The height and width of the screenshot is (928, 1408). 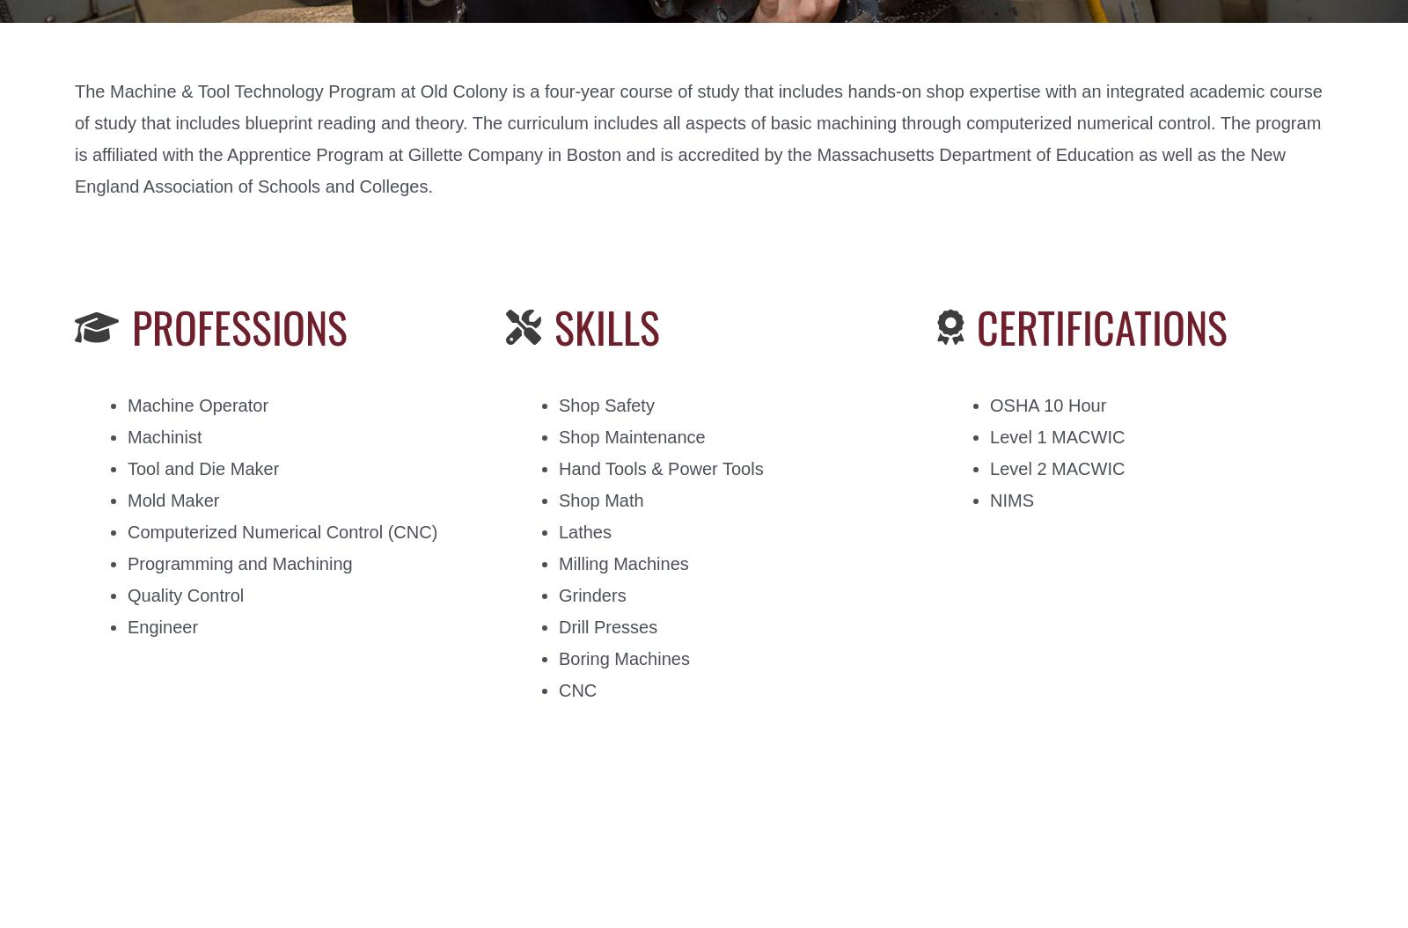 What do you see at coordinates (577, 690) in the screenshot?
I see `'CNC'` at bounding box center [577, 690].